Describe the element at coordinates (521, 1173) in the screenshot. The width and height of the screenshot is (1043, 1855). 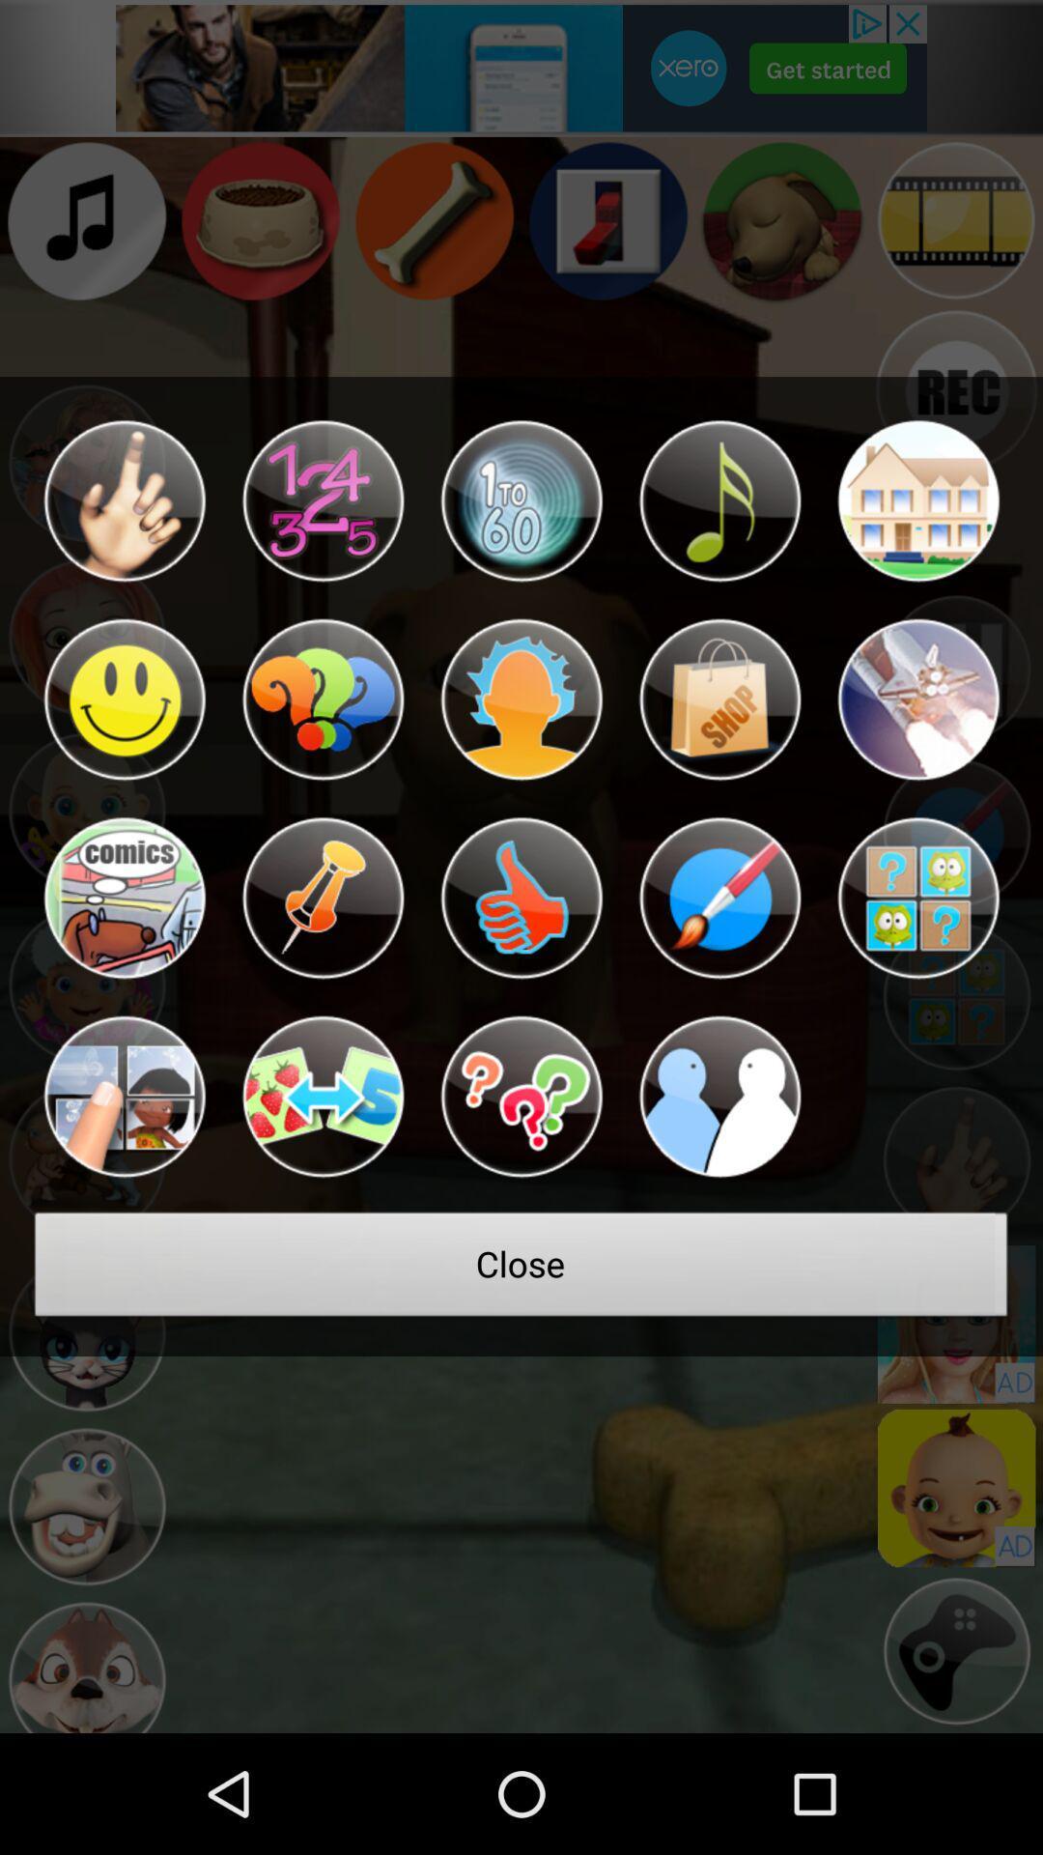
I see `the help icon` at that location.